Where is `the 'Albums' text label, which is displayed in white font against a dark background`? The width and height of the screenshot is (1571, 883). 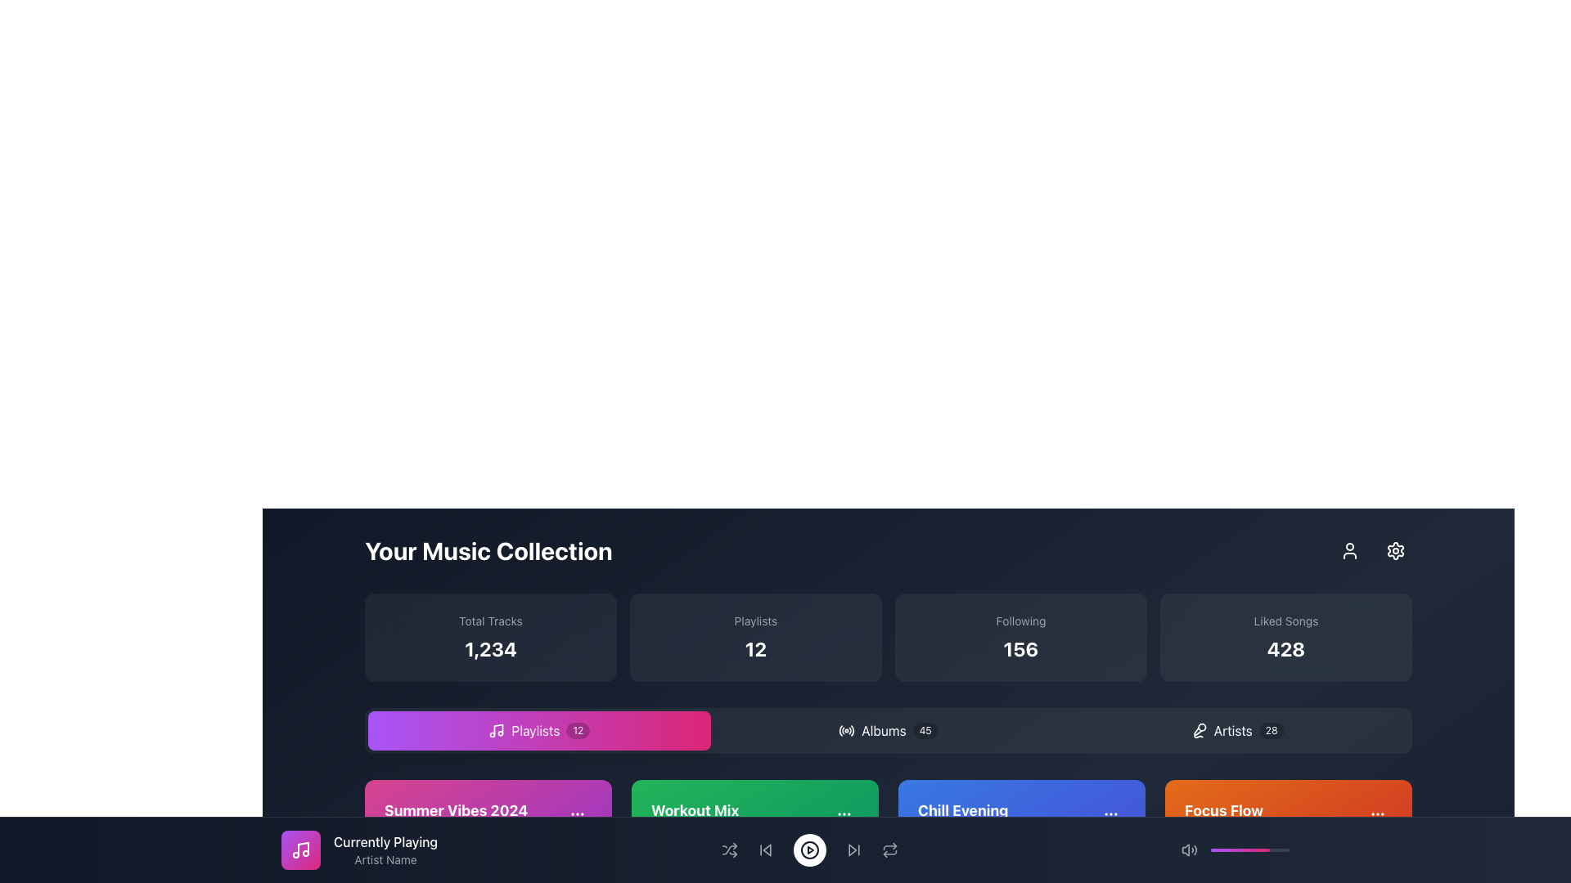
the 'Albums' text label, which is displayed in white font against a dark background is located at coordinates (883, 730).